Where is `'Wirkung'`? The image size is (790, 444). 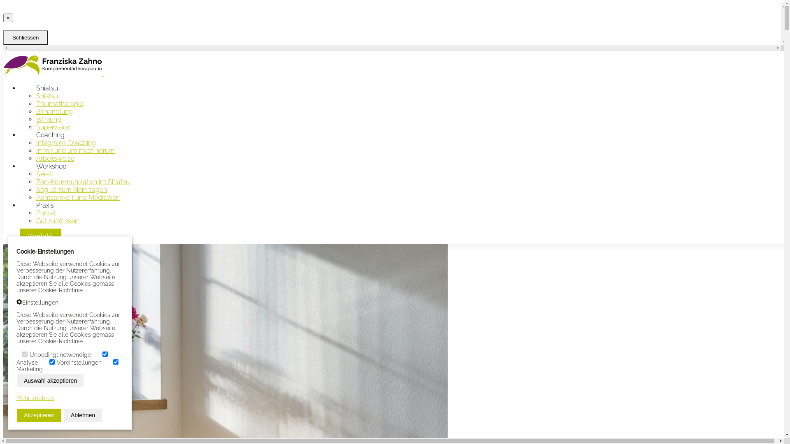
'Wirkung' is located at coordinates (48, 119).